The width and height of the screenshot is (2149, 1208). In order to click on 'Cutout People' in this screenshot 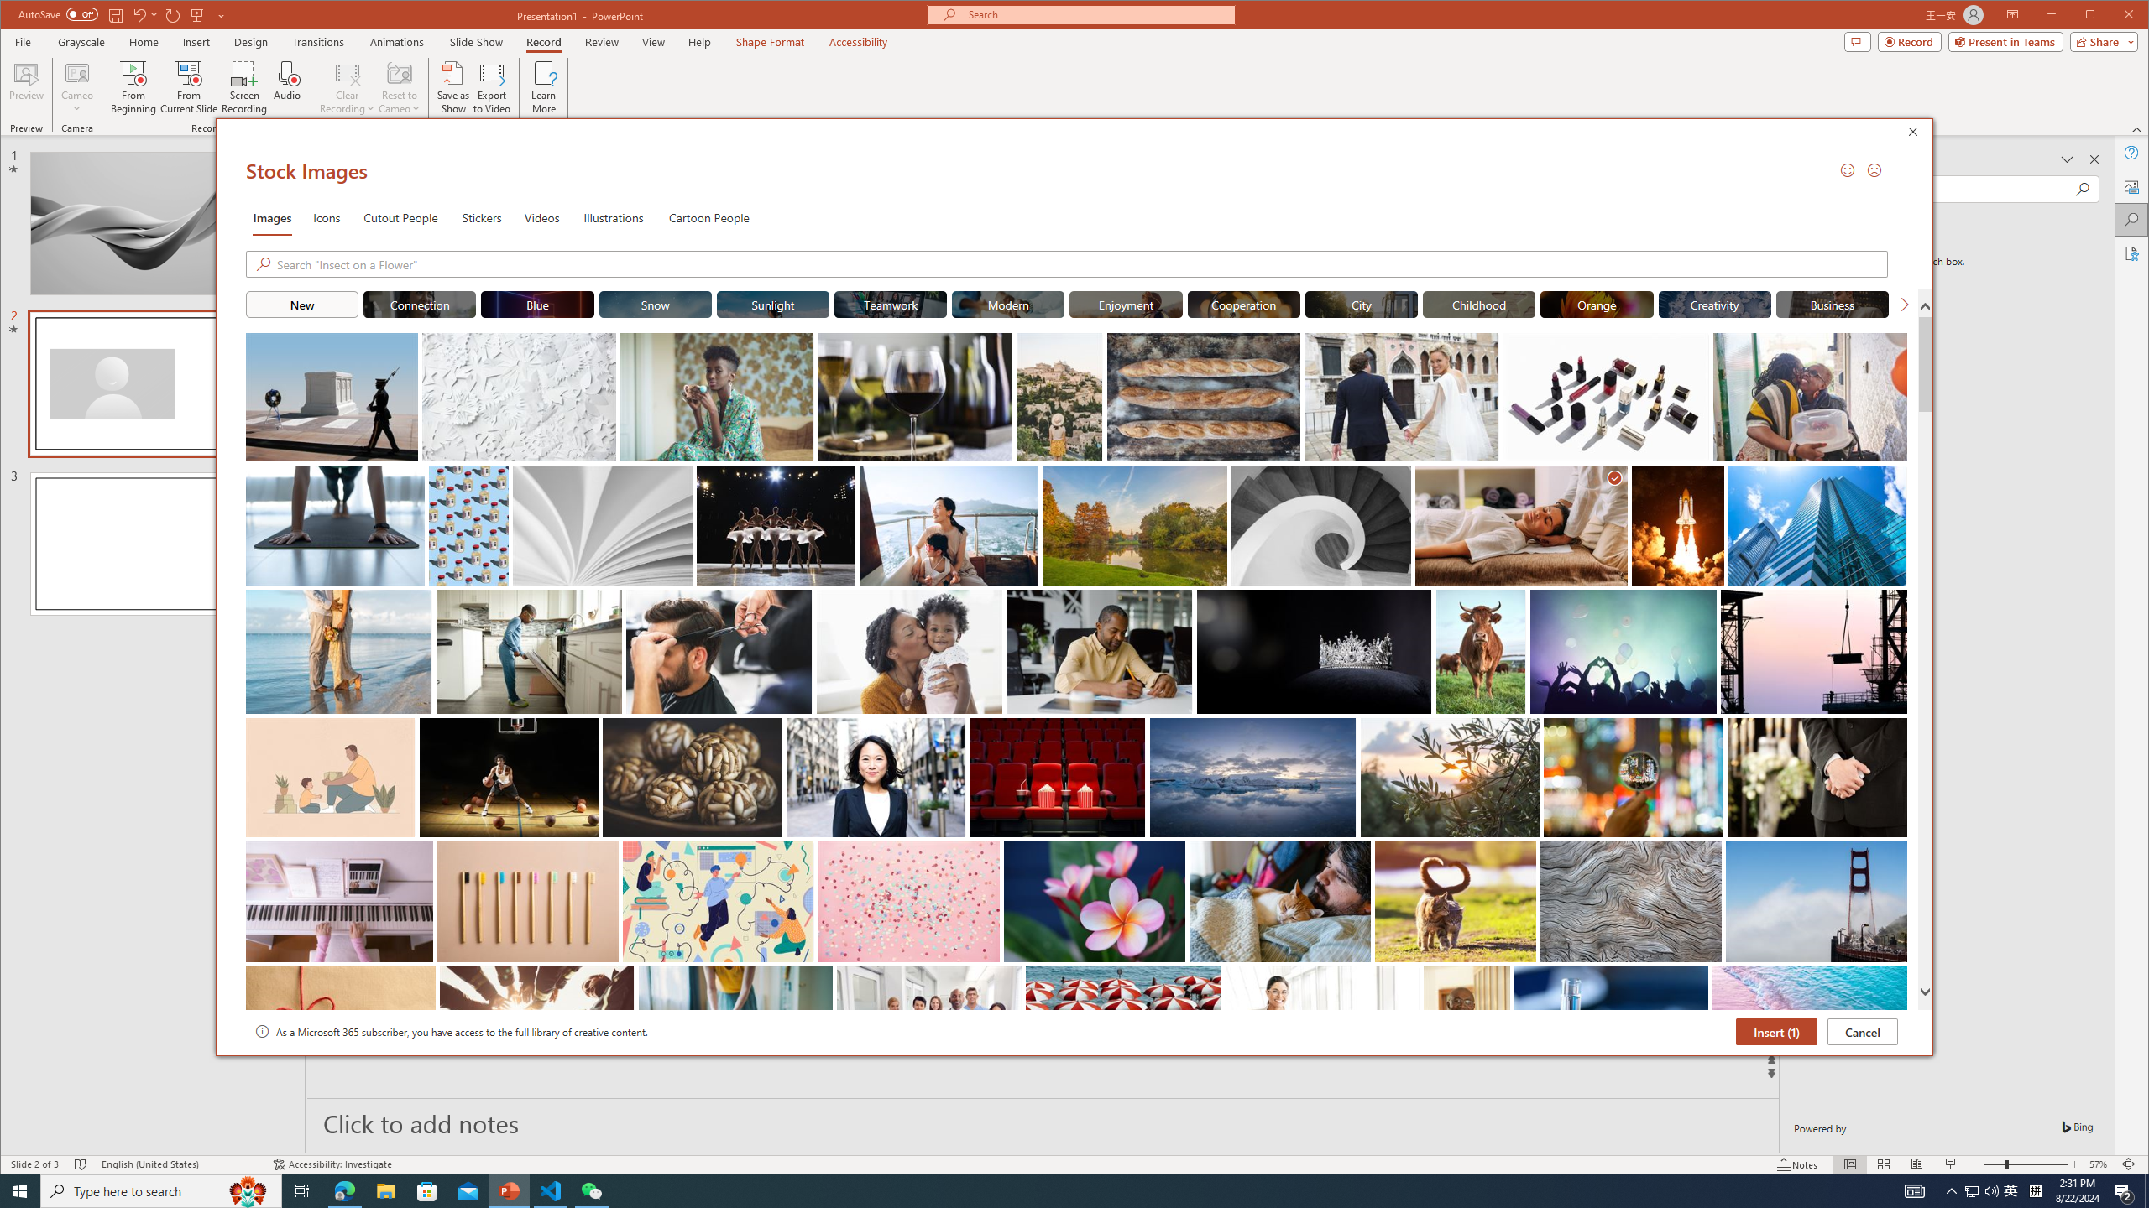, I will do `click(400, 216)`.